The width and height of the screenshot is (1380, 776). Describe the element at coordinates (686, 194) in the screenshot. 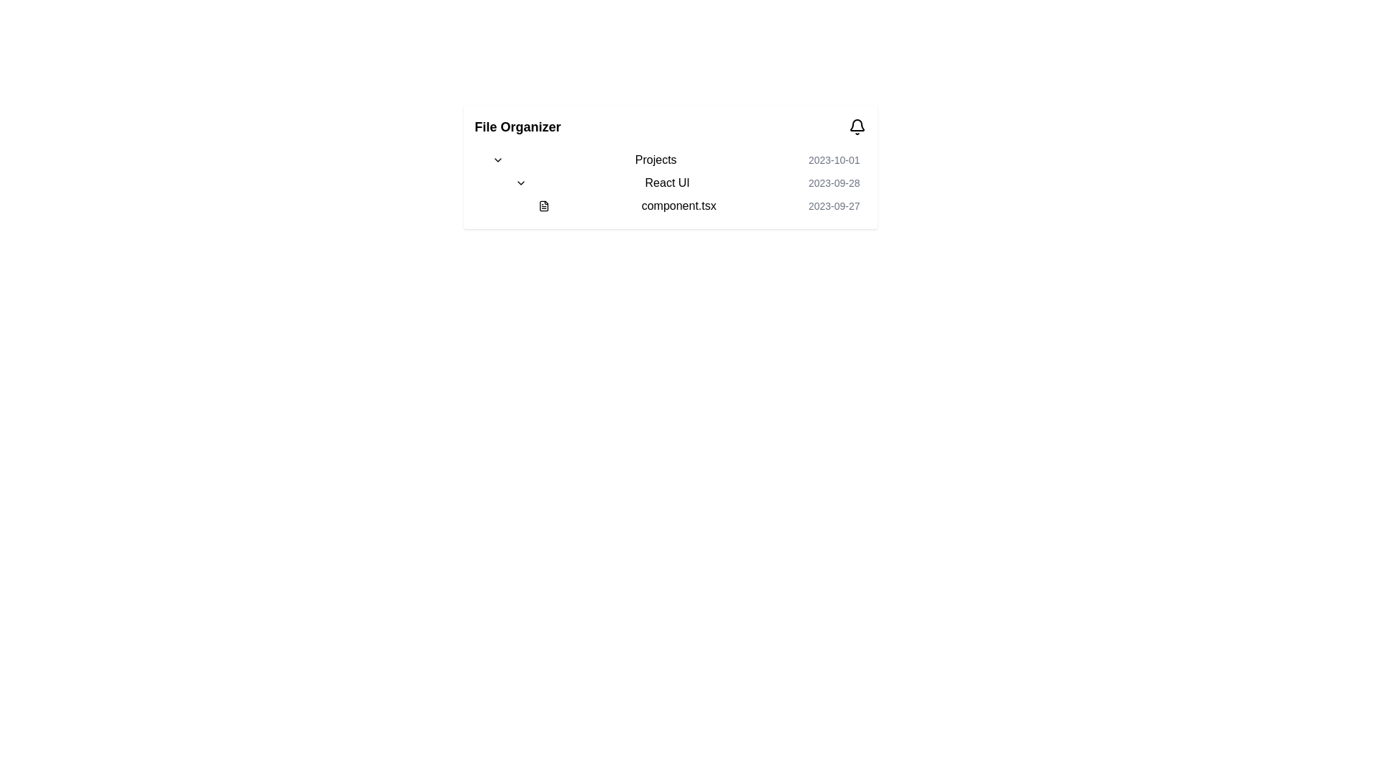

I see `the 'component.tsx' file entry under the 'React UI' section` at that location.